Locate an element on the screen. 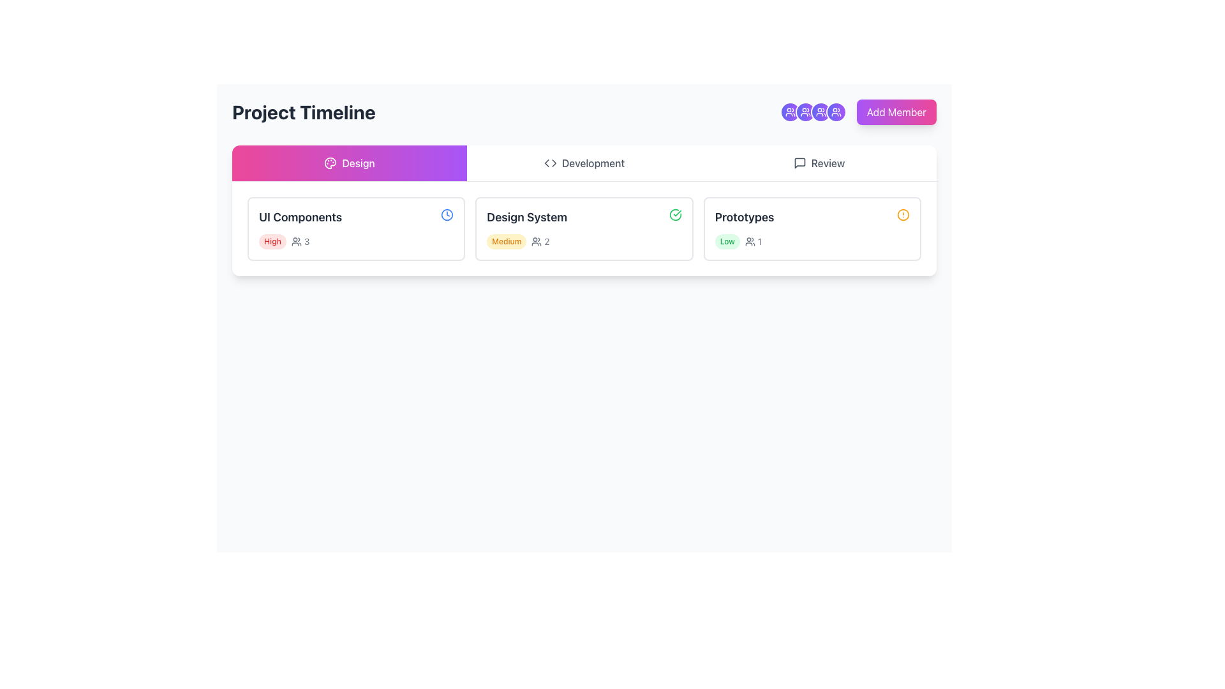  the small numeric text label displaying '1', which is styled with a small font size and gray color, located to the right of a user icon is located at coordinates (759, 241).